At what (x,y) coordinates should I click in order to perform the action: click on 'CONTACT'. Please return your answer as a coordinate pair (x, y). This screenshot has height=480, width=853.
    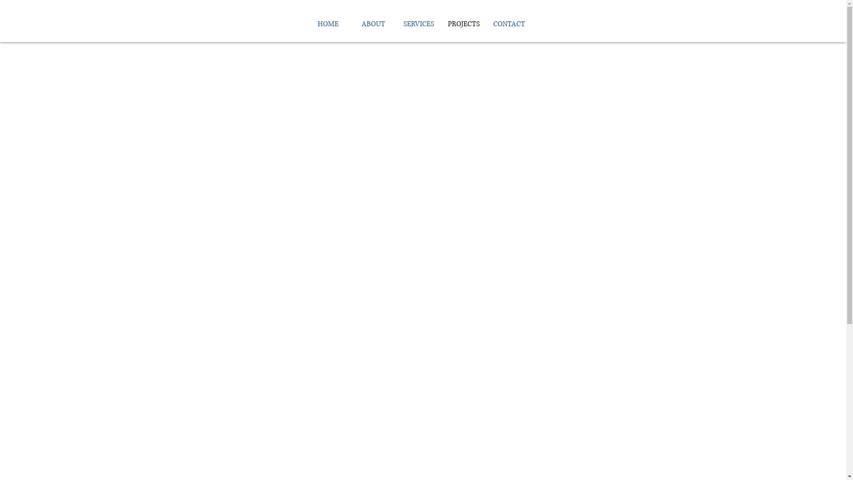
    Looking at the image, I should click on (509, 24).